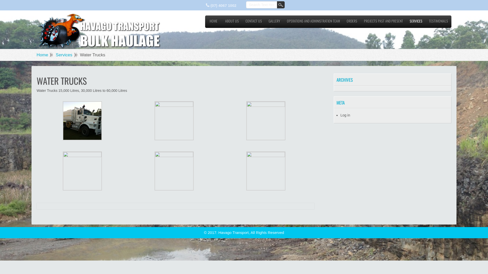 The height and width of the screenshot is (274, 488). Describe the element at coordinates (274, 22) in the screenshot. I see `'GALLERY'` at that location.